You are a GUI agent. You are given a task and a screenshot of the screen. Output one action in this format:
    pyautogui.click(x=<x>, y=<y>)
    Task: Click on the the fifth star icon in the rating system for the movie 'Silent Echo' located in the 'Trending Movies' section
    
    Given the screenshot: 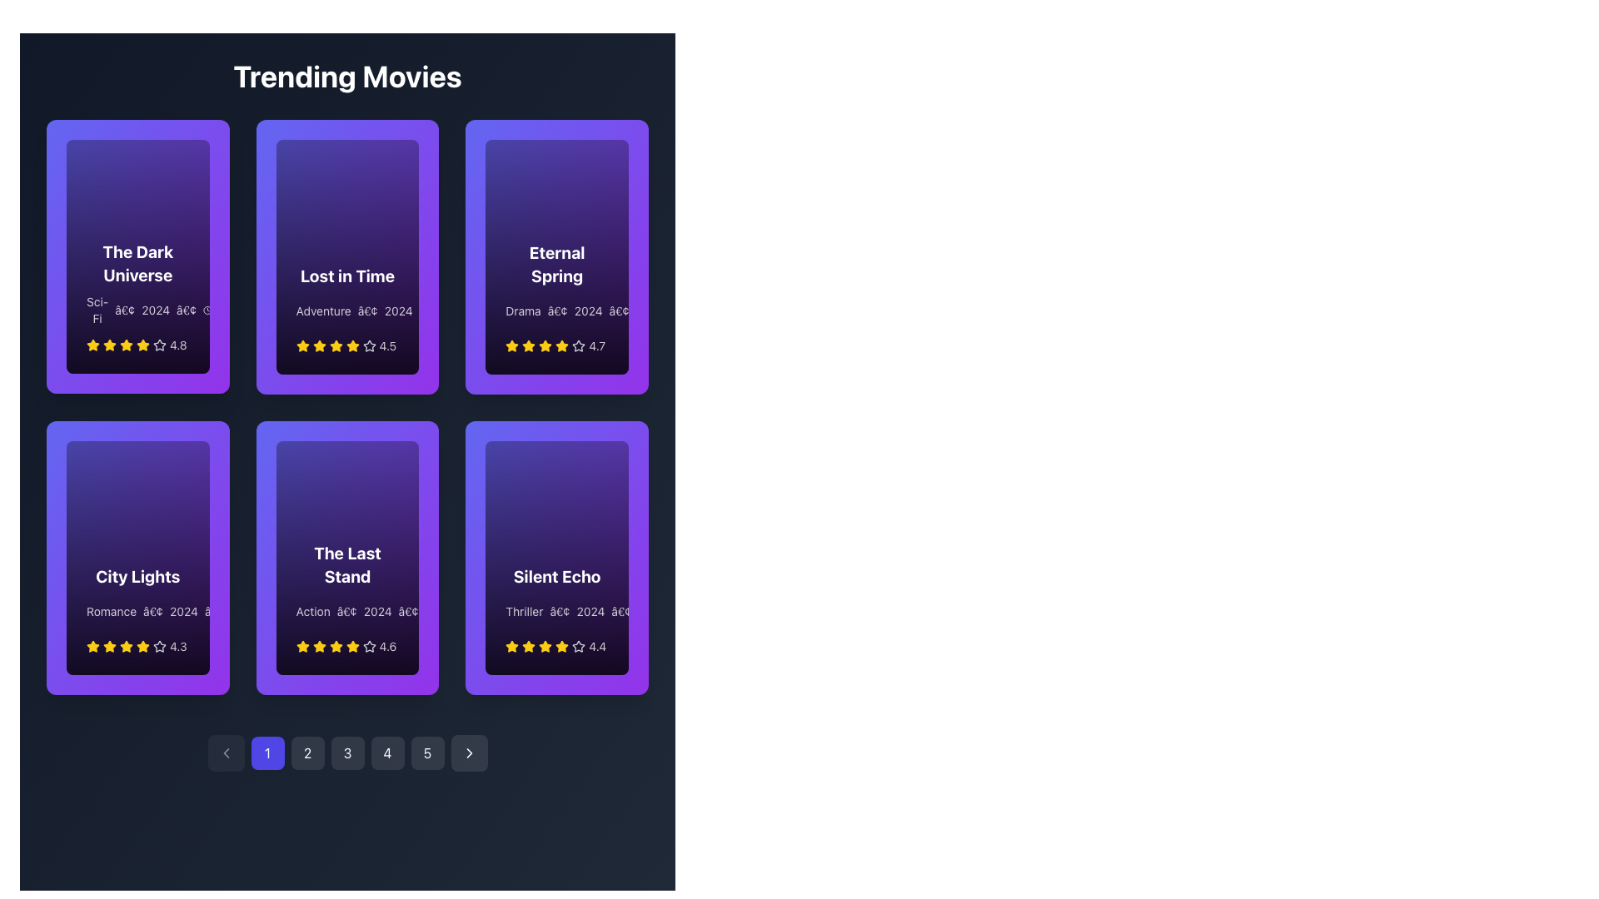 What is the action you would take?
    pyautogui.click(x=579, y=645)
    